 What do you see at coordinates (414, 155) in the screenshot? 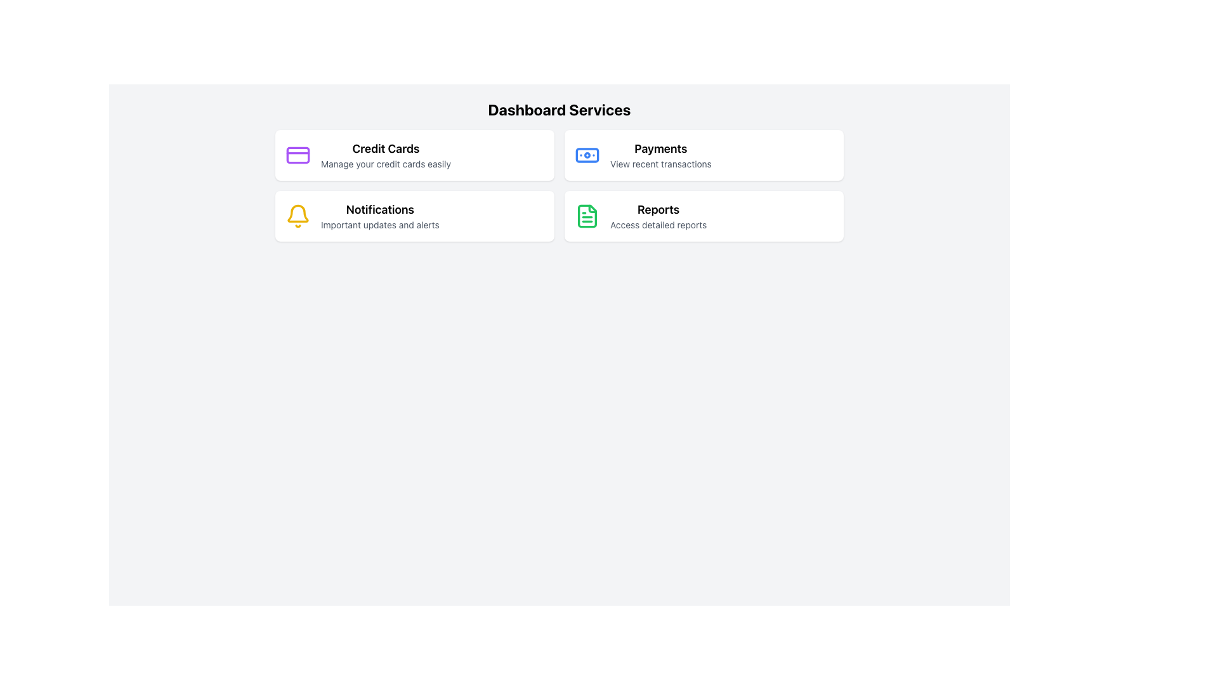
I see `the Card component located in the top-left position of the Dashboard Services interface, which allows users to navigate to credit card management tools` at bounding box center [414, 155].